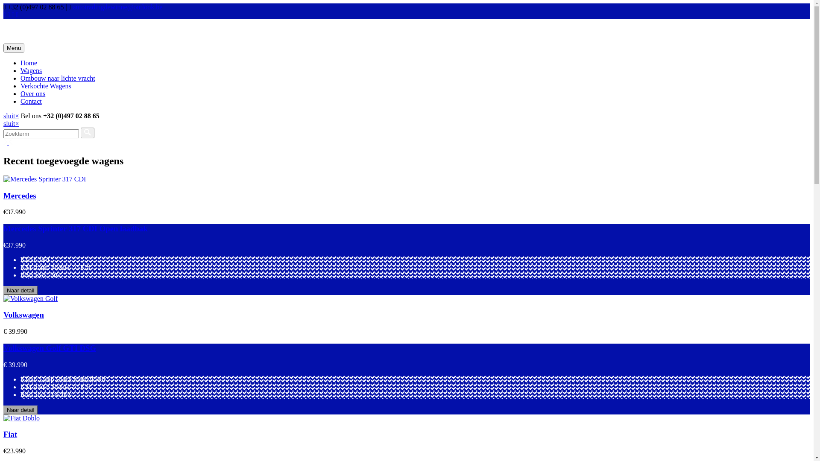 This screenshot has width=820, height=461. Describe the element at coordinates (45, 86) in the screenshot. I see `'Verkochte Wagens'` at that location.